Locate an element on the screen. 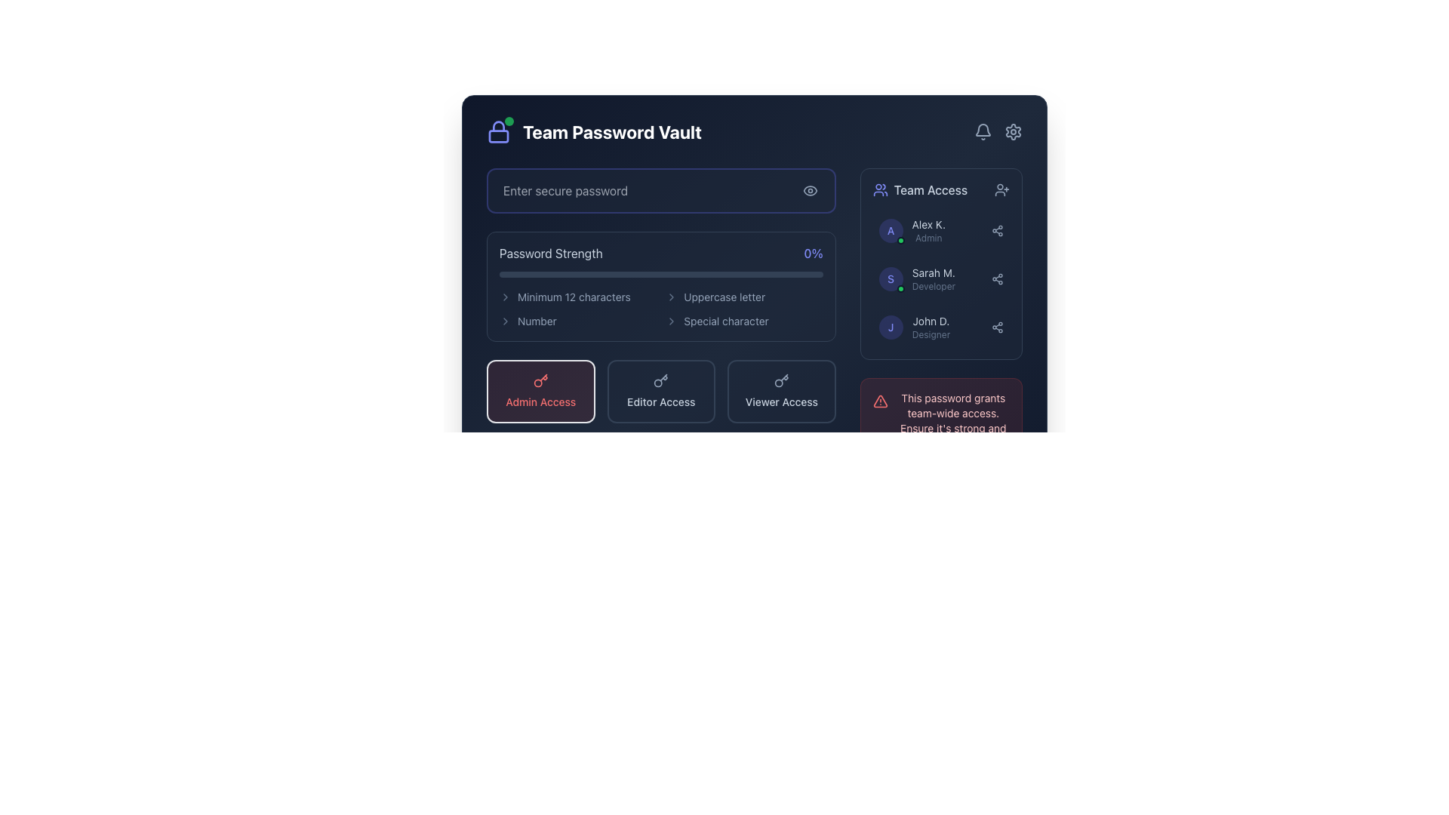 The image size is (1449, 815). the 'Editor Access' button, which is the second button in a row of three, featuring a key icon and text is located at coordinates (661, 391).